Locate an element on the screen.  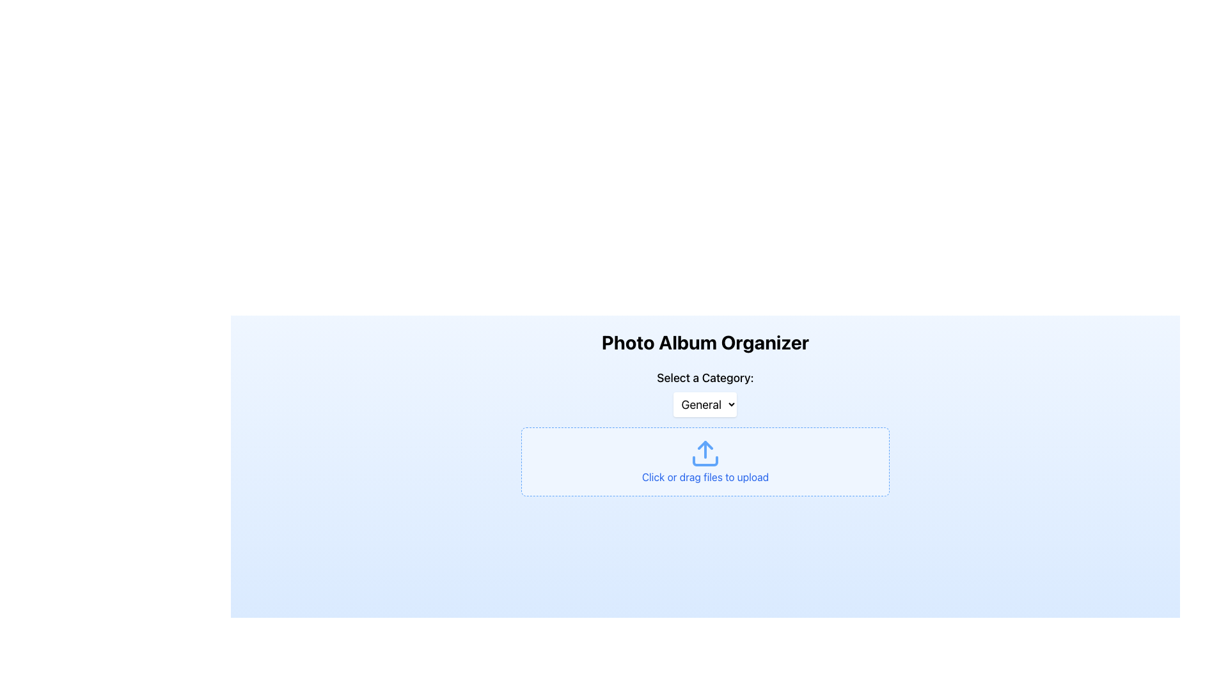
the upload indicator icon located centrally within the upload area, which prompts users to upload files is located at coordinates (705, 452).